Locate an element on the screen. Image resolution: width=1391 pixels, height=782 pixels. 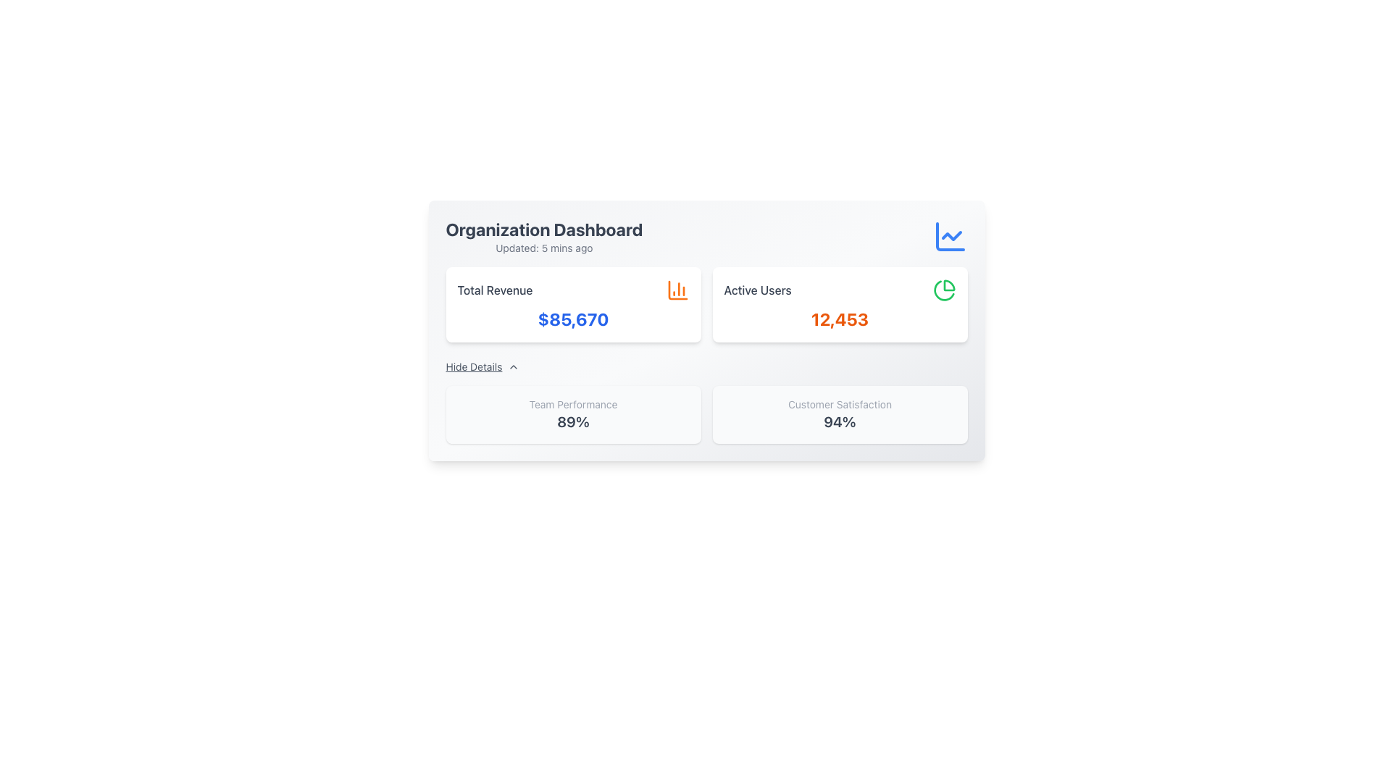
the chart-related icon located in the top-right corner of the dashboard interface, which serves as an indicator for data performance or trends is located at coordinates (951, 235).